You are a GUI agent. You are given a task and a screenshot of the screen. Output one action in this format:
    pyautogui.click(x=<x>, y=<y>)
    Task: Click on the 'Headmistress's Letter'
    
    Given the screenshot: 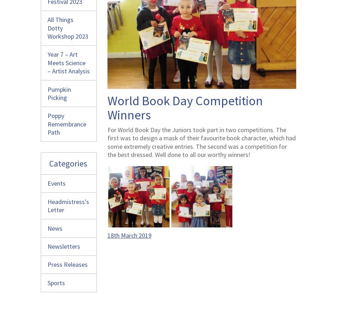 What is the action you would take?
    pyautogui.click(x=68, y=205)
    